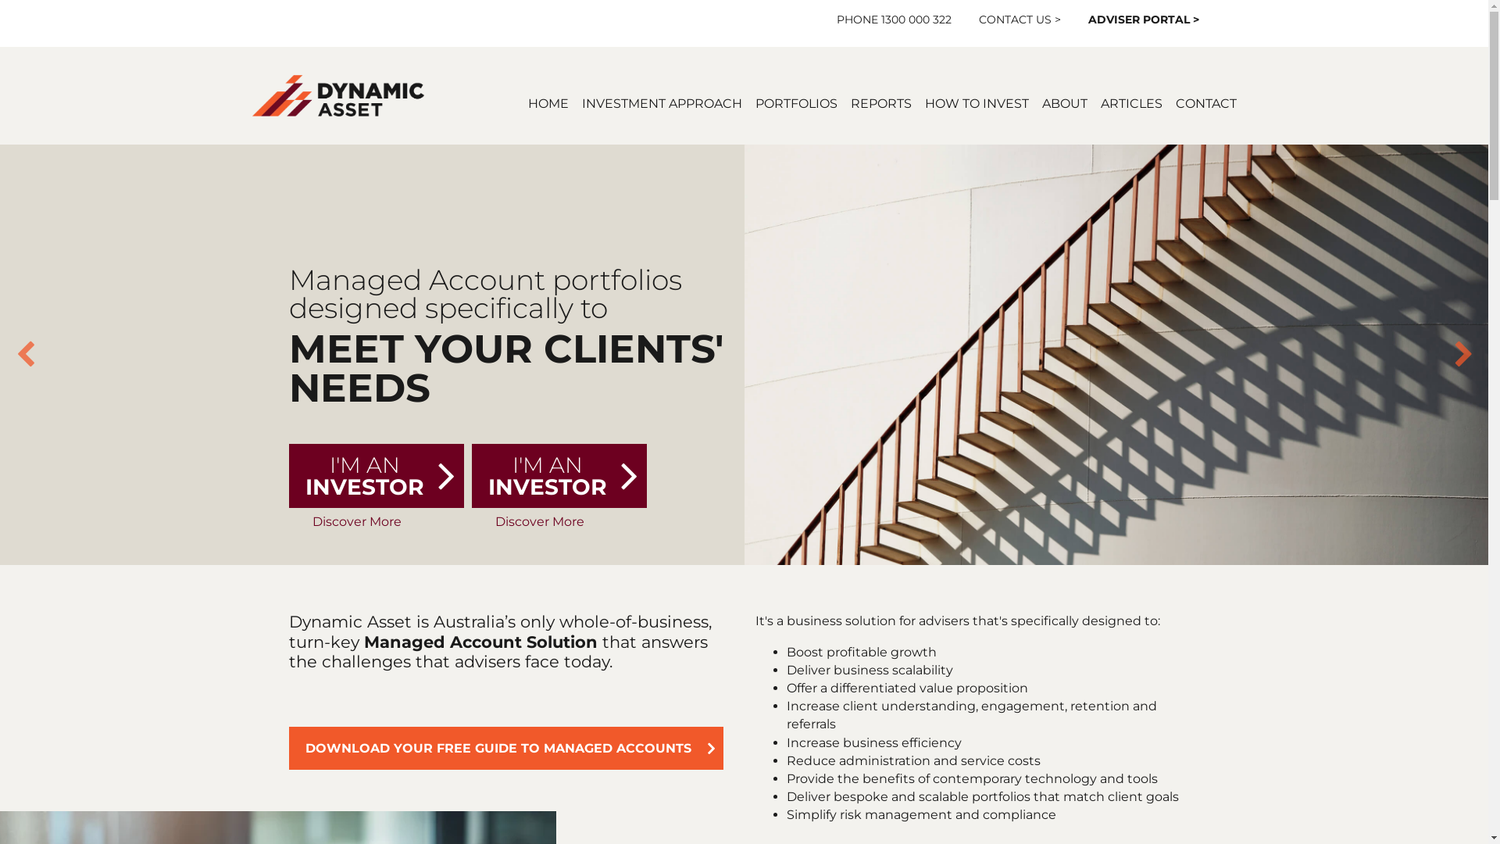 This screenshot has height=844, width=1500. Describe the element at coordinates (1204, 103) in the screenshot. I see `'CONTACT'` at that location.